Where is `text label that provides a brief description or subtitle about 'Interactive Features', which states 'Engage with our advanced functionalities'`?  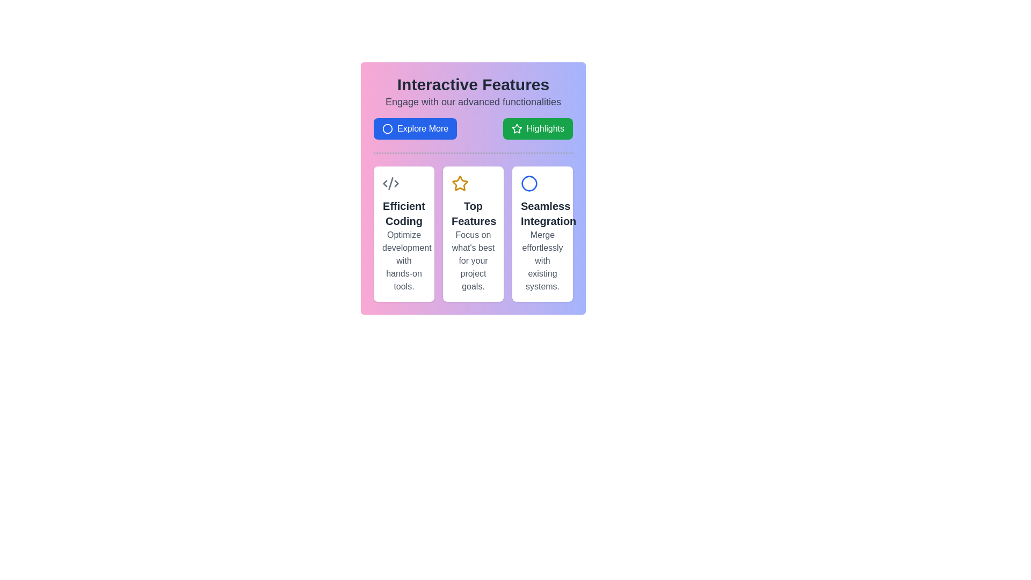 text label that provides a brief description or subtitle about 'Interactive Features', which states 'Engage with our advanced functionalities' is located at coordinates (473, 102).